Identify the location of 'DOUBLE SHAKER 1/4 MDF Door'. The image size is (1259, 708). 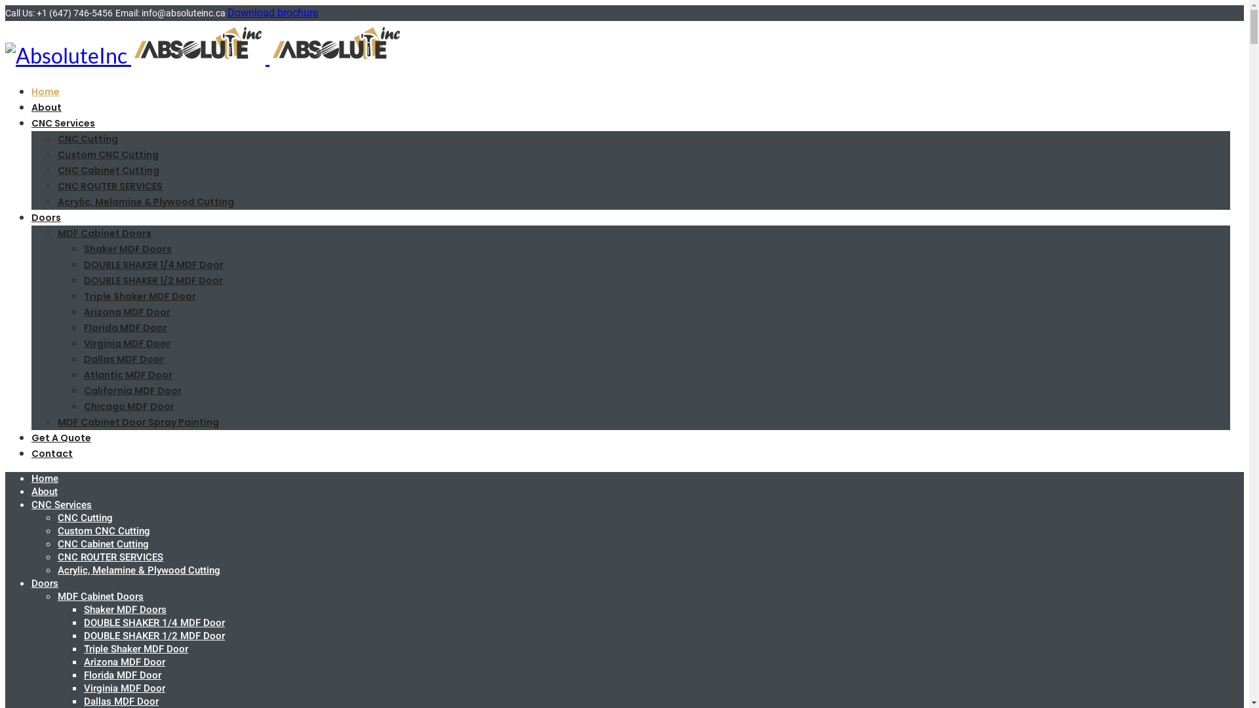
(153, 265).